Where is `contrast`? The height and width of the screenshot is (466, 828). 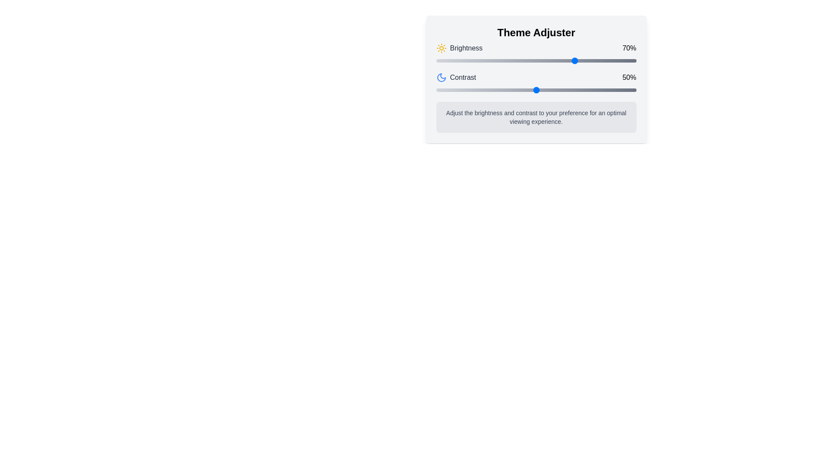 contrast is located at coordinates (622, 90).